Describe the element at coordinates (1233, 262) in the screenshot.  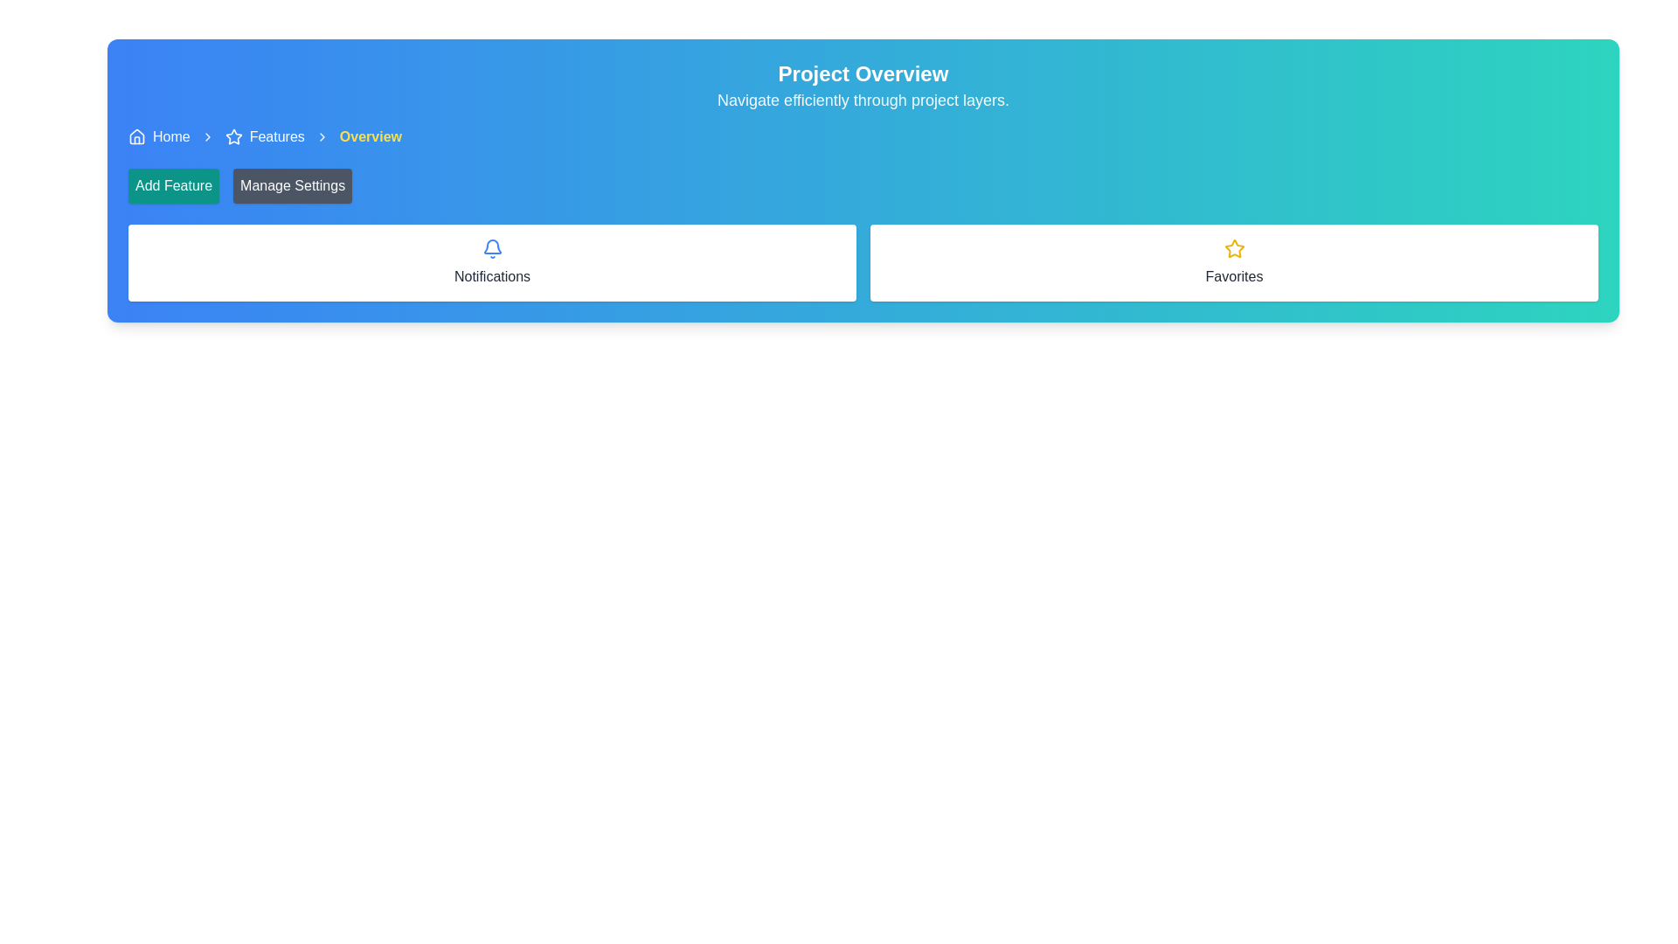
I see `the card labeled 'Favorites' which is the second card in a horizontal layout, positioned to the right of the 'Notifications' card` at that location.